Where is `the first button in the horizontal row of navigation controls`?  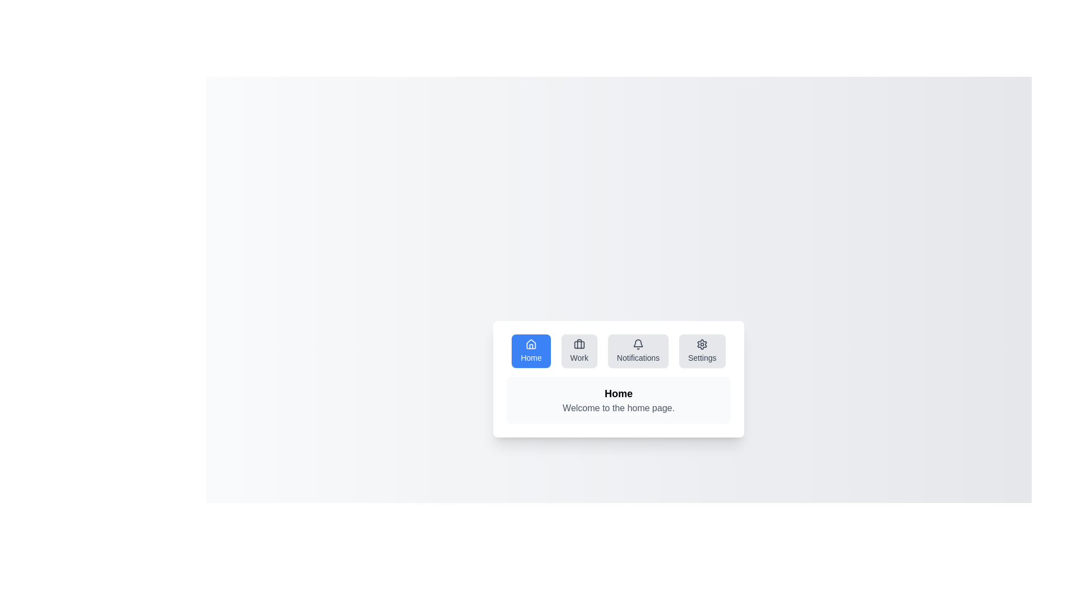 the first button in the horizontal row of navigation controls is located at coordinates (531, 351).